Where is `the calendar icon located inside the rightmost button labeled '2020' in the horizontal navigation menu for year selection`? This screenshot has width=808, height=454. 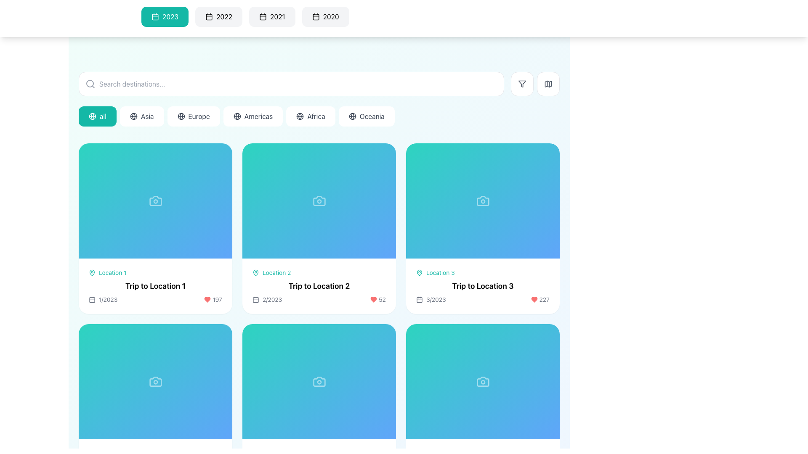 the calendar icon located inside the rightmost button labeled '2020' in the horizontal navigation menu for year selection is located at coordinates (315, 16).